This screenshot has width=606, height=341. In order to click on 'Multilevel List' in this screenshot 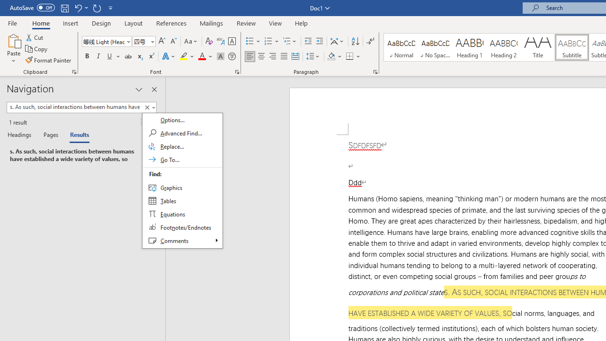, I will do `click(290, 41)`.